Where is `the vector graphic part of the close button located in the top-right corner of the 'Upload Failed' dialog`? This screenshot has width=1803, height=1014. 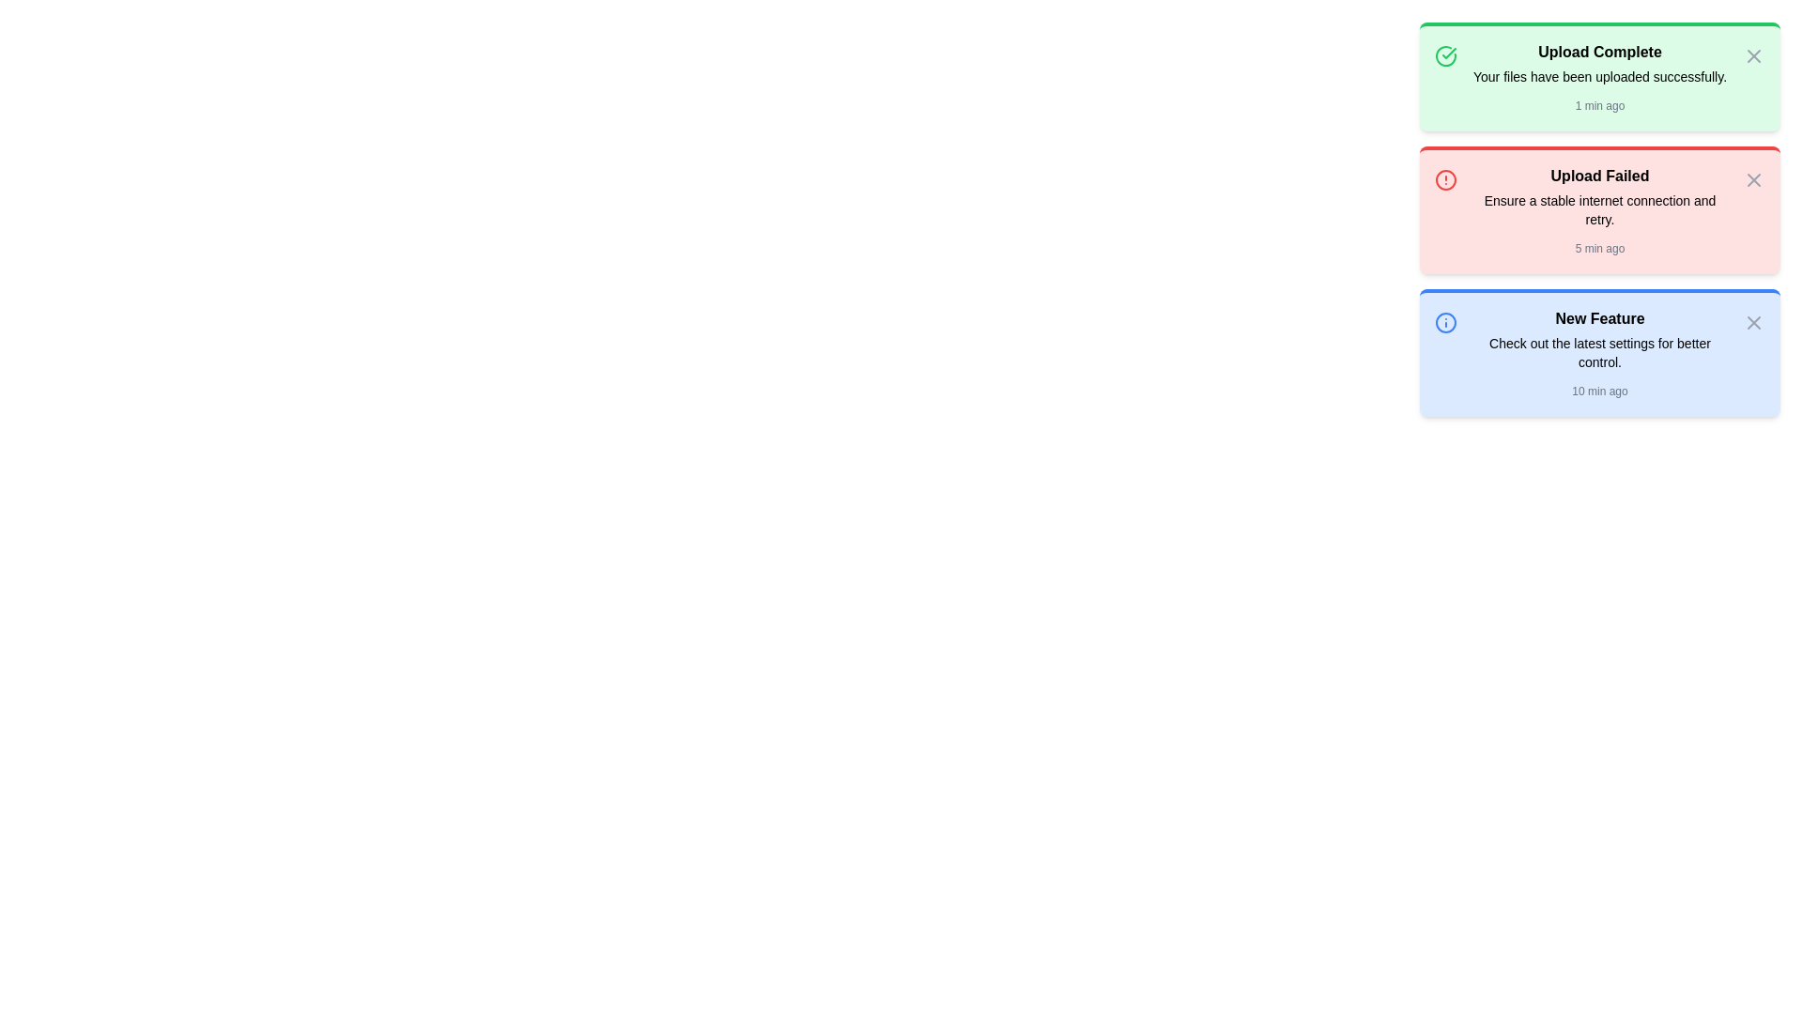 the vector graphic part of the close button located in the top-right corner of the 'Upload Failed' dialog is located at coordinates (1752, 180).